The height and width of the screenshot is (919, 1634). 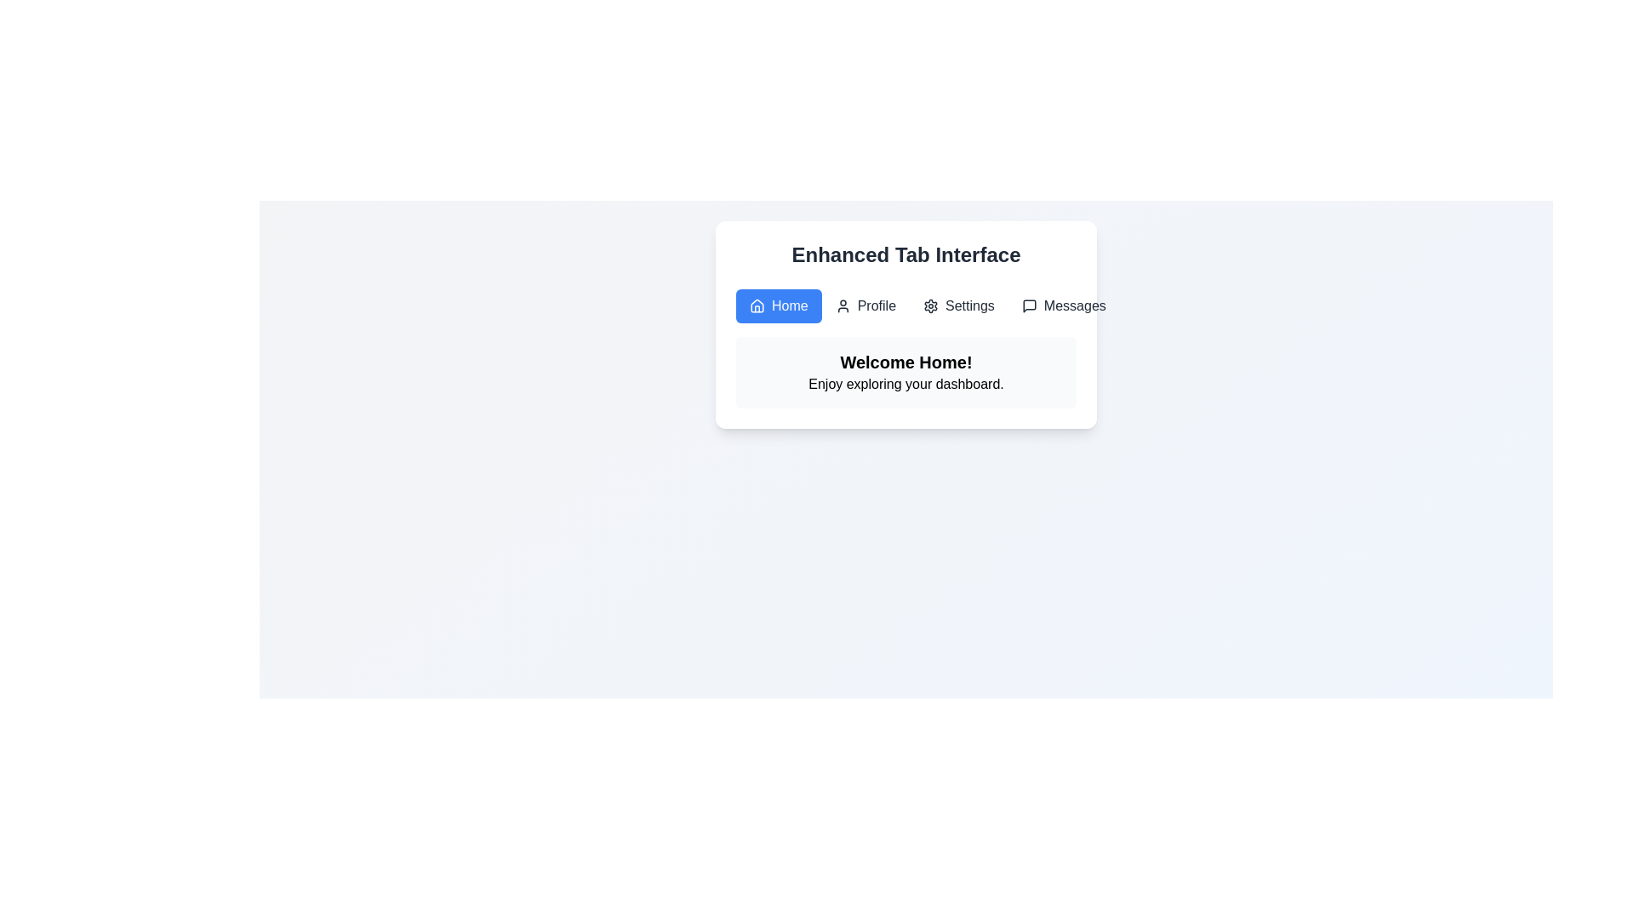 I want to click on the 'Home' text label within the blue button located in the navigation bar to trigger a visual response, so click(x=789, y=305).